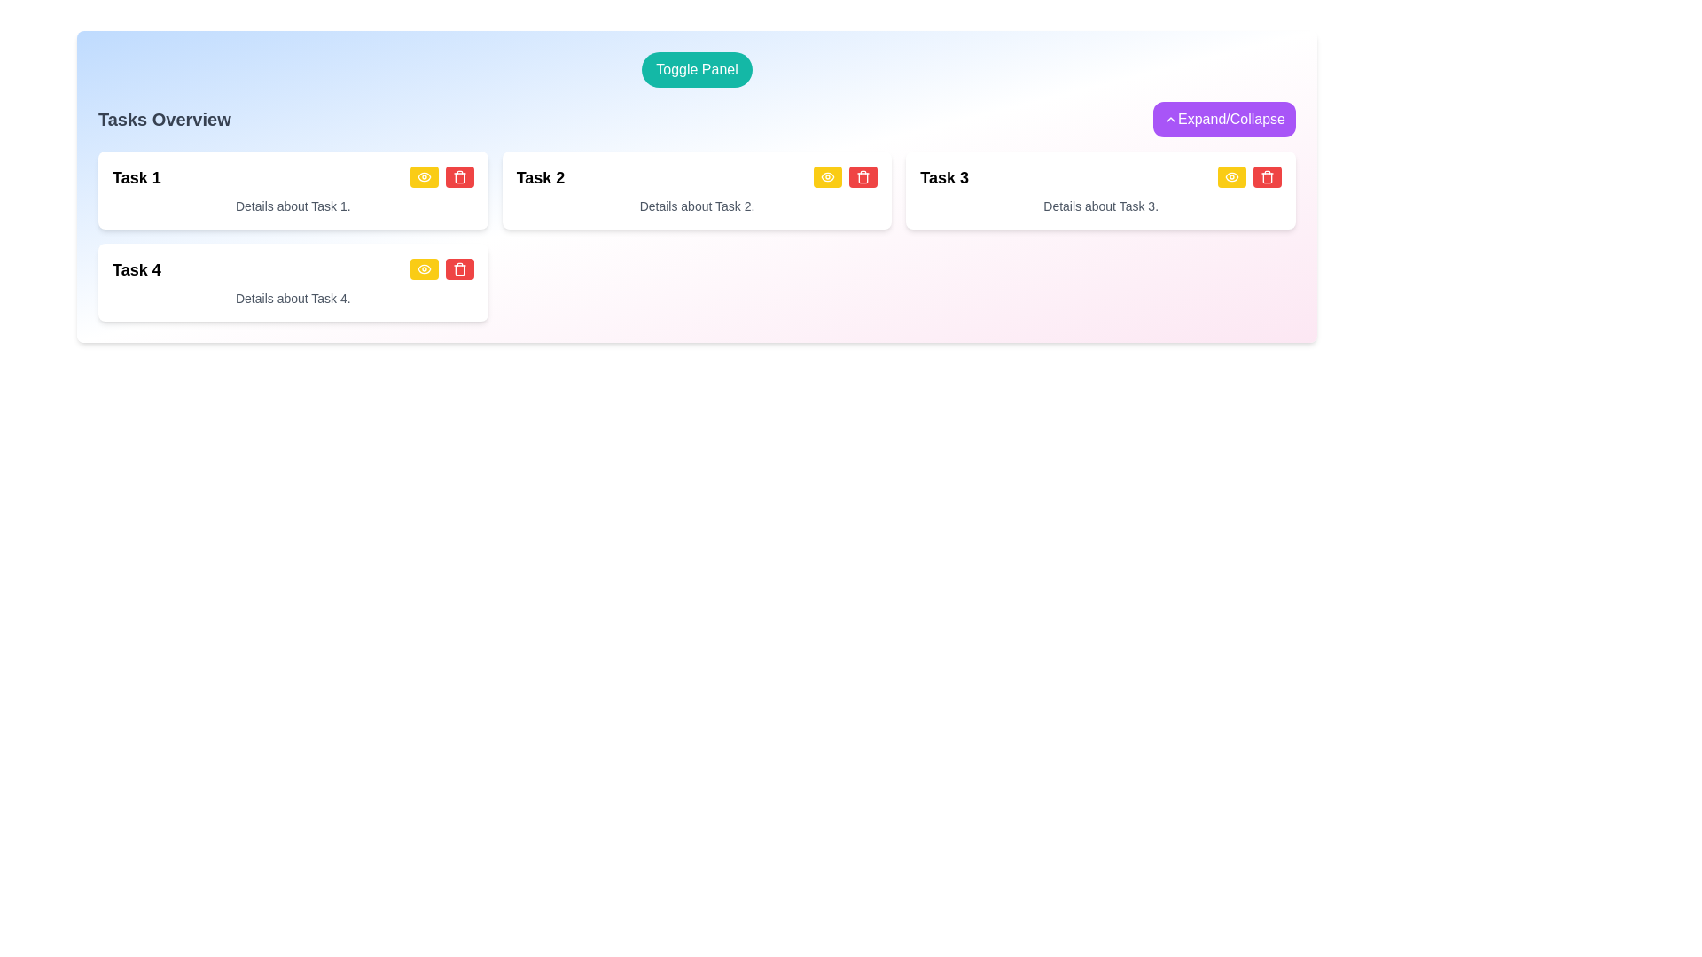 This screenshot has height=957, width=1702. Describe the element at coordinates (863, 176) in the screenshot. I see `the trash can icon with a red background located inside the delete button for 'Task 2'` at that location.